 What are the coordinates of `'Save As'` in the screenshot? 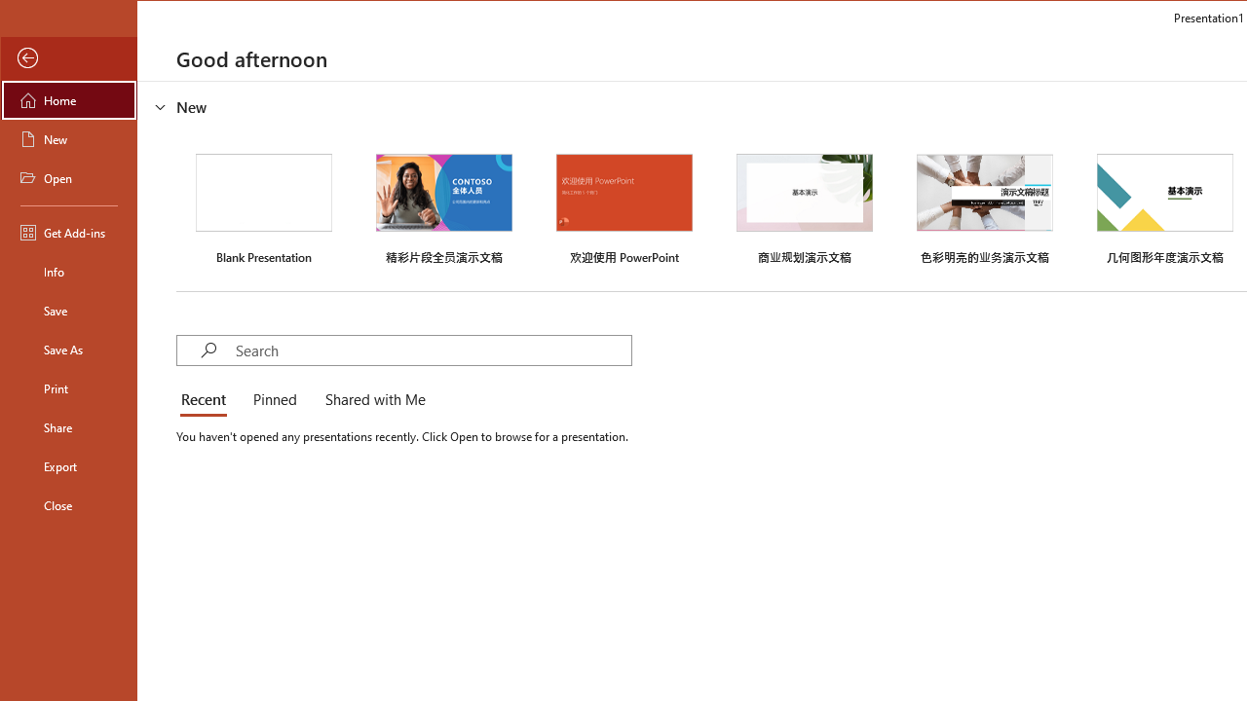 It's located at (69, 348).